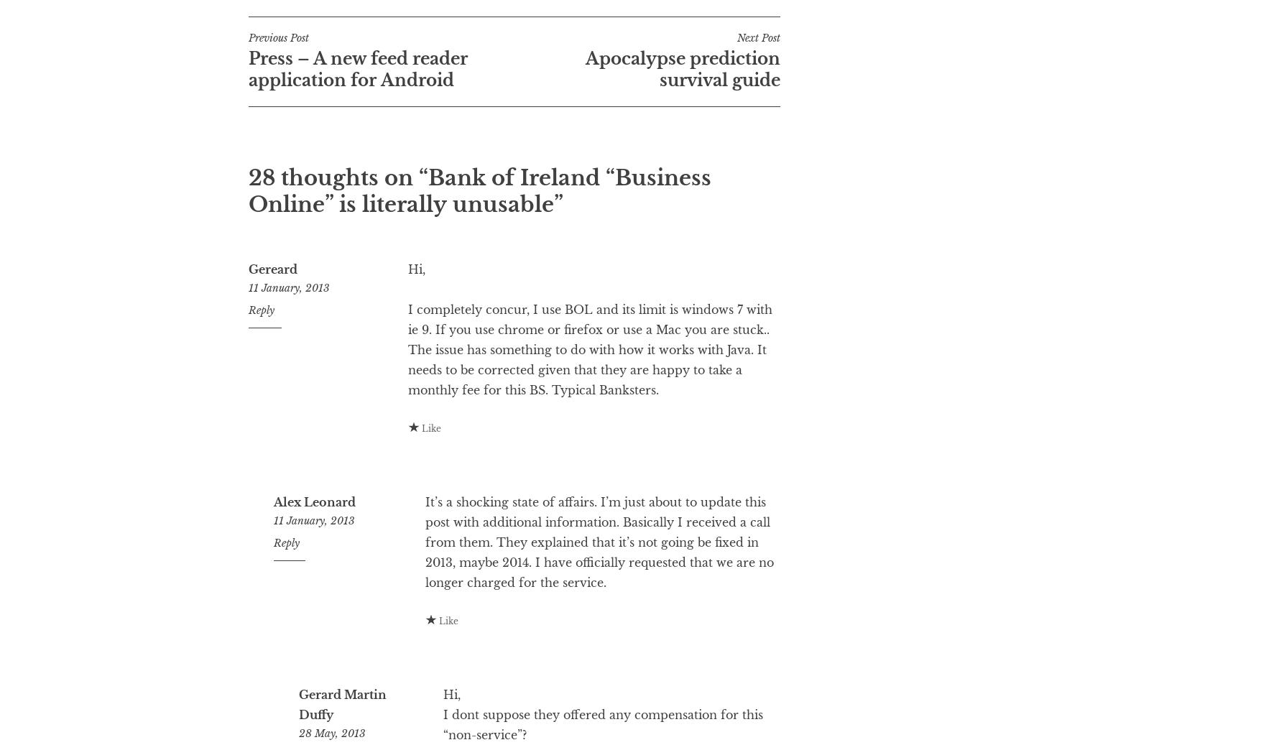 The image size is (1279, 745). Describe the element at coordinates (310, 24) in the screenshot. I see `'Journal'` at that location.